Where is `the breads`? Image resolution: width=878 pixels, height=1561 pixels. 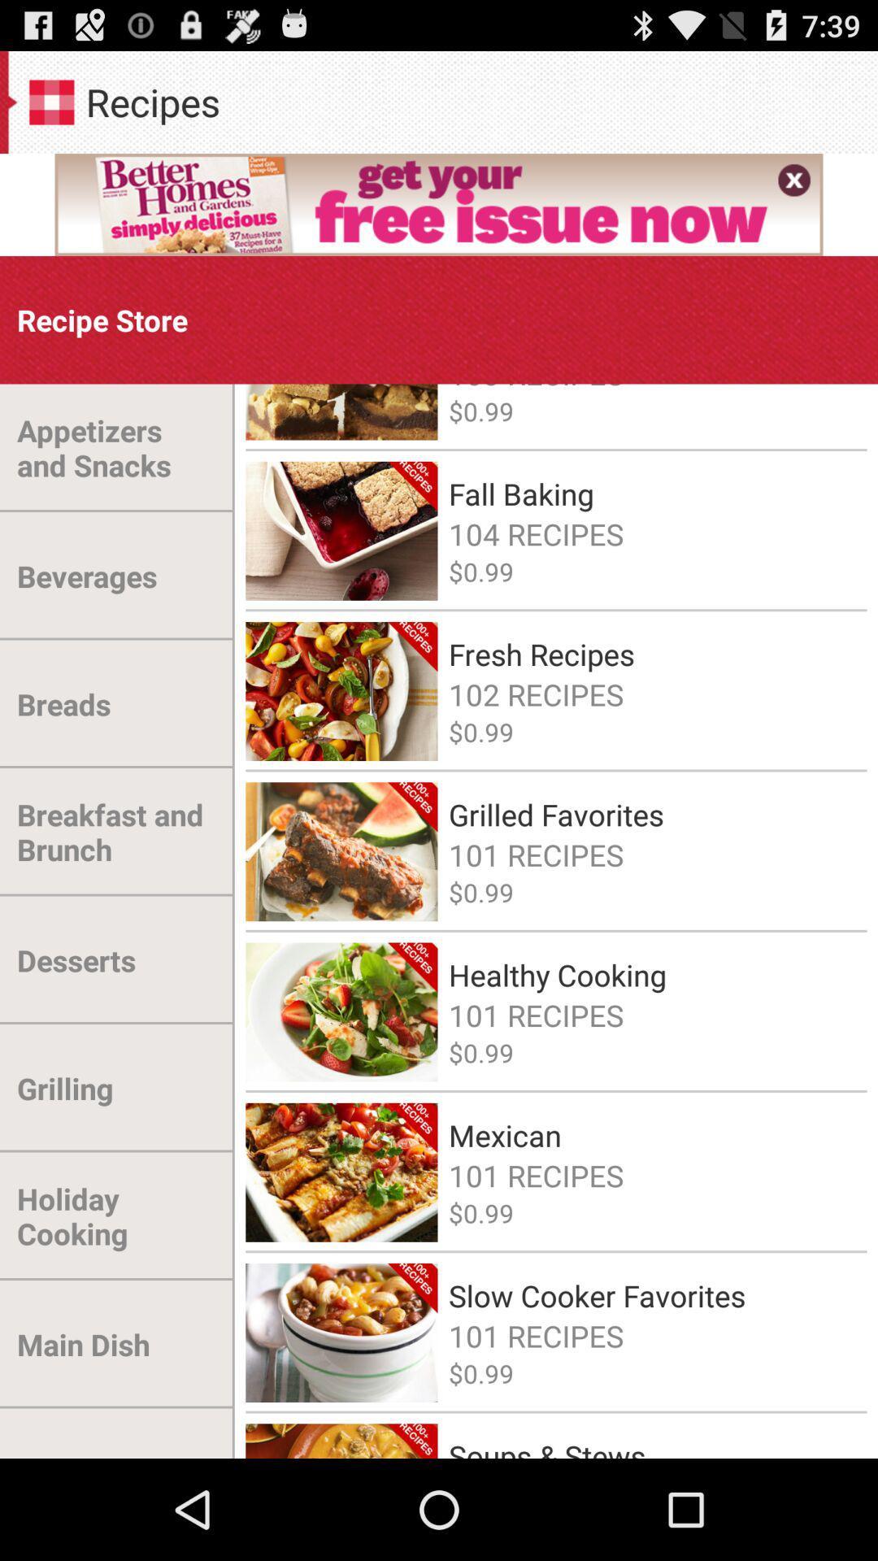
the breads is located at coordinates (63, 704).